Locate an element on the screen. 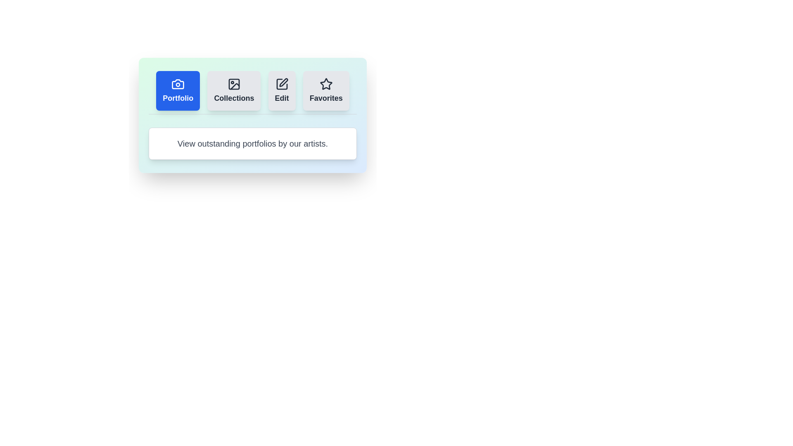 The width and height of the screenshot is (793, 446). the tab labeled Favorites to observe its hover effect is located at coordinates (325, 90).